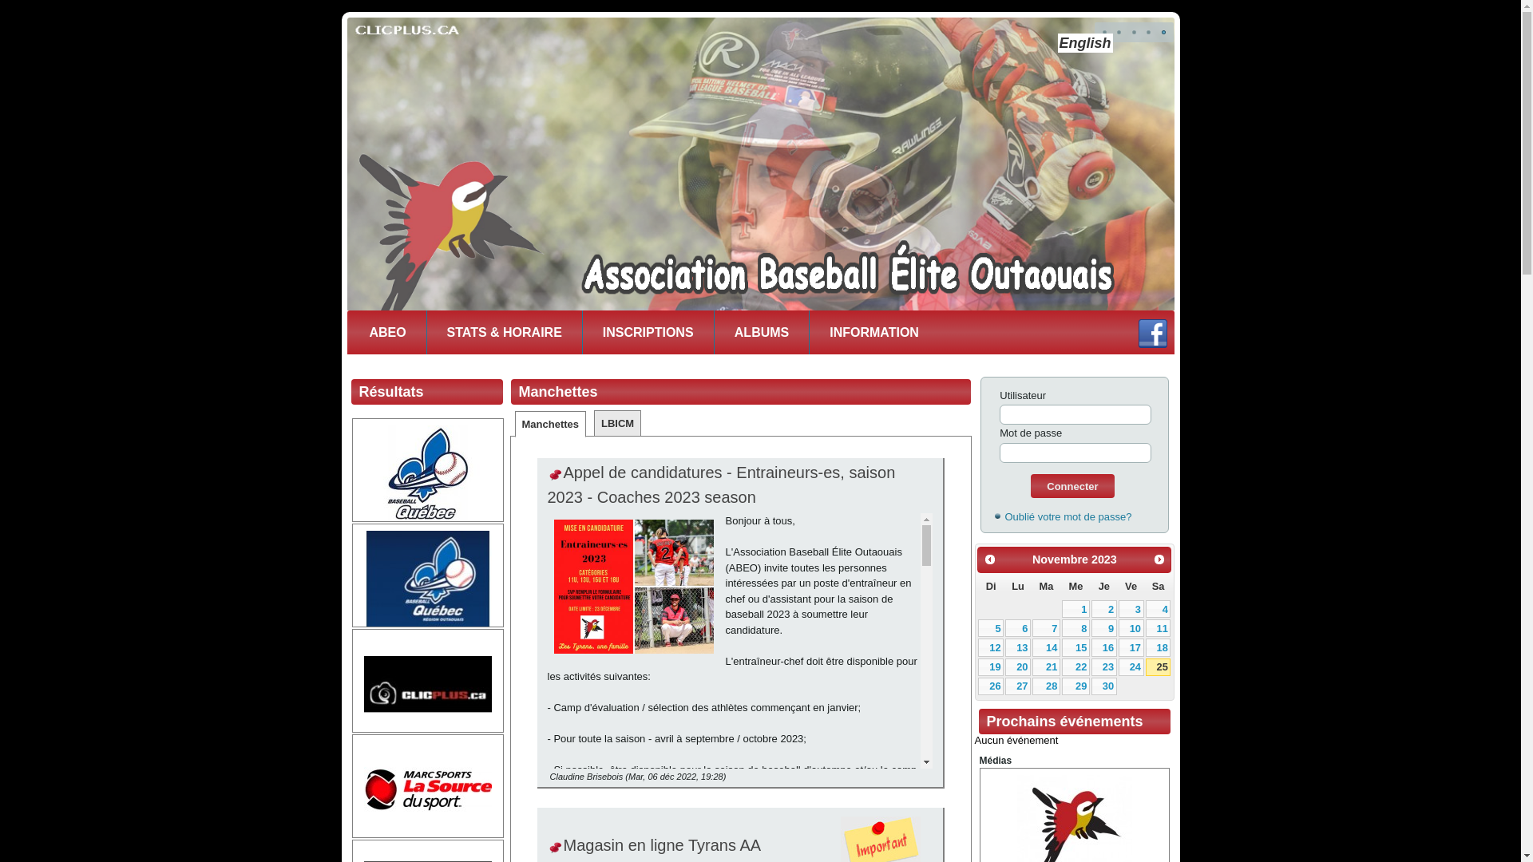  Describe the element at coordinates (502, 331) in the screenshot. I see `'STATS & HORAIRE'` at that location.